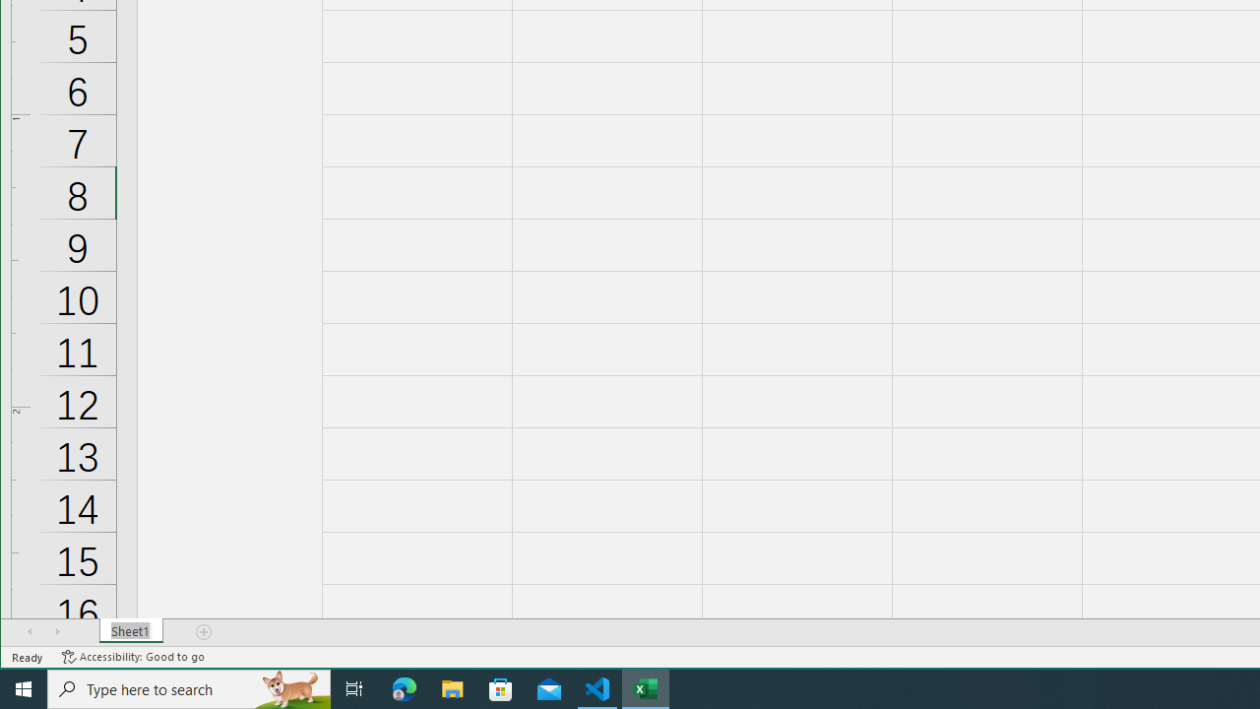 The height and width of the screenshot is (709, 1260). What do you see at coordinates (404, 687) in the screenshot?
I see `'Microsoft Edge'` at bounding box center [404, 687].